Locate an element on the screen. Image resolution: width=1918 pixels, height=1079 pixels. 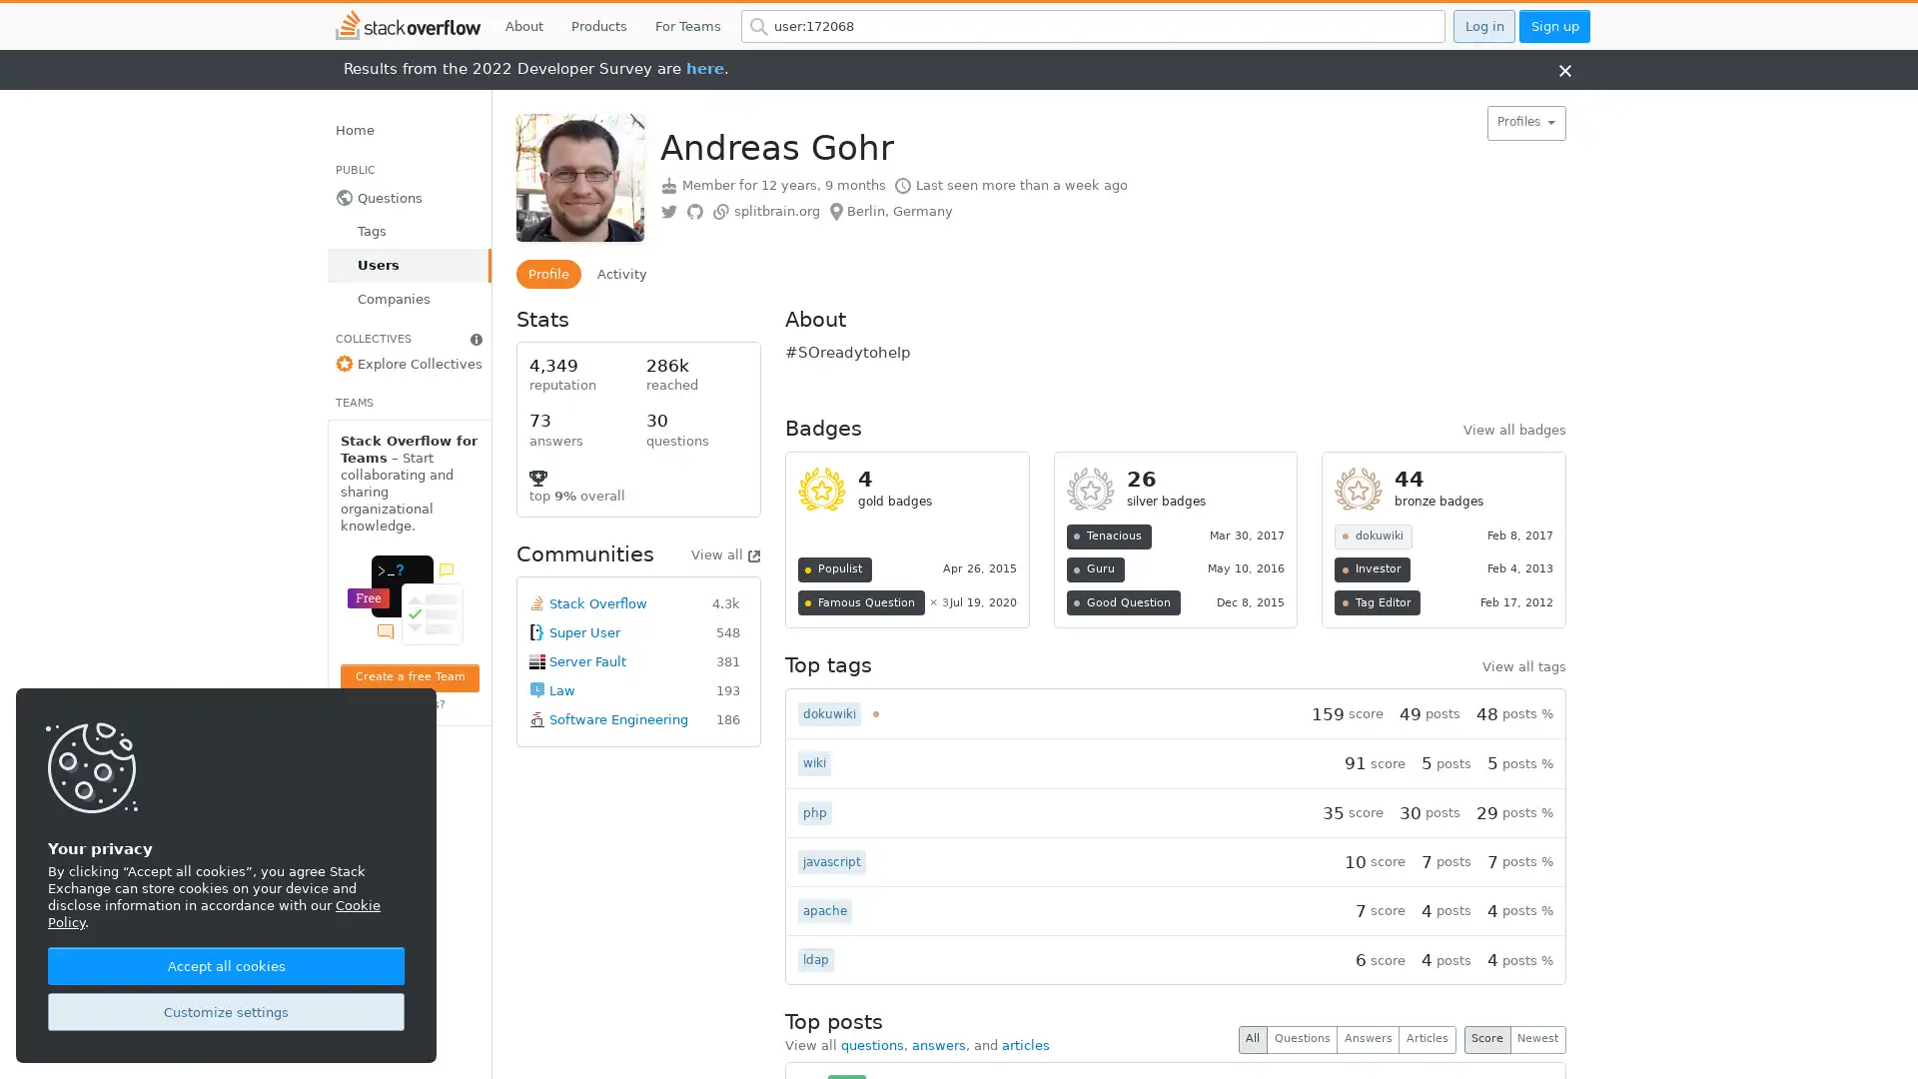
Accept all cookies is located at coordinates (226, 965).